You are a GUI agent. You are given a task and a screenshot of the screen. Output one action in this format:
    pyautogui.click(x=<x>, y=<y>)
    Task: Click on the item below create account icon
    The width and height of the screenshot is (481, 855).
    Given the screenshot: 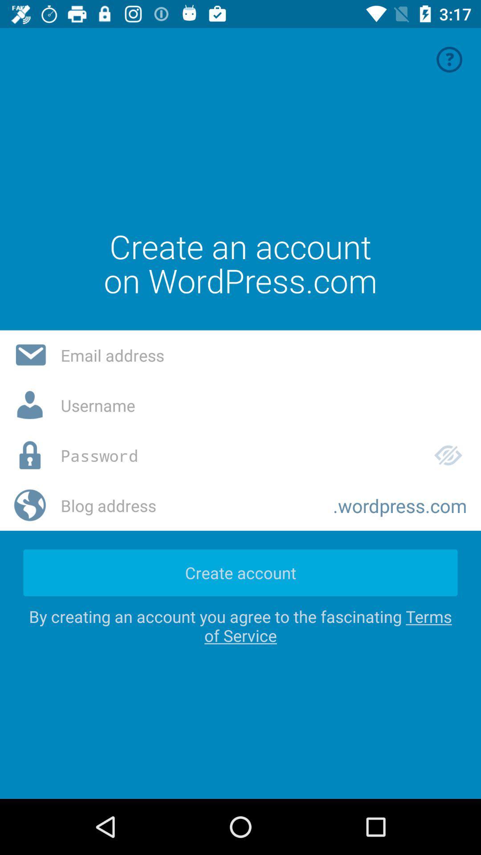 What is the action you would take?
    pyautogui.click(x=240, y=625)
    